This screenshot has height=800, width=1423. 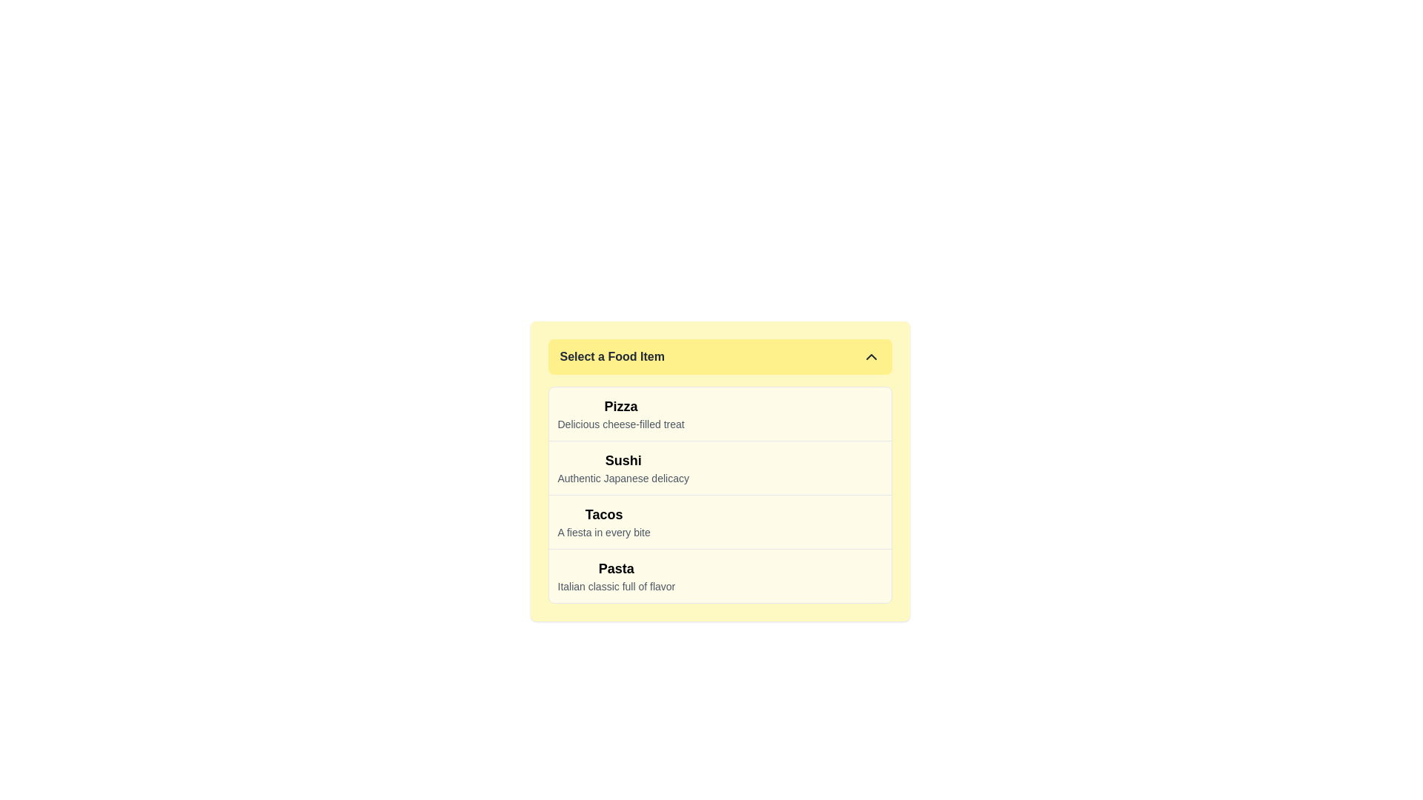 What do you see at coordinates (621, 406) in the screenshot?
I see `bold text label 'Pizza' which is the first line in the food items dropdown list titled 'Select a Food Item', positioned above the description text 'Delicious cheese-filled treat'` at bounding box center [621, 406].